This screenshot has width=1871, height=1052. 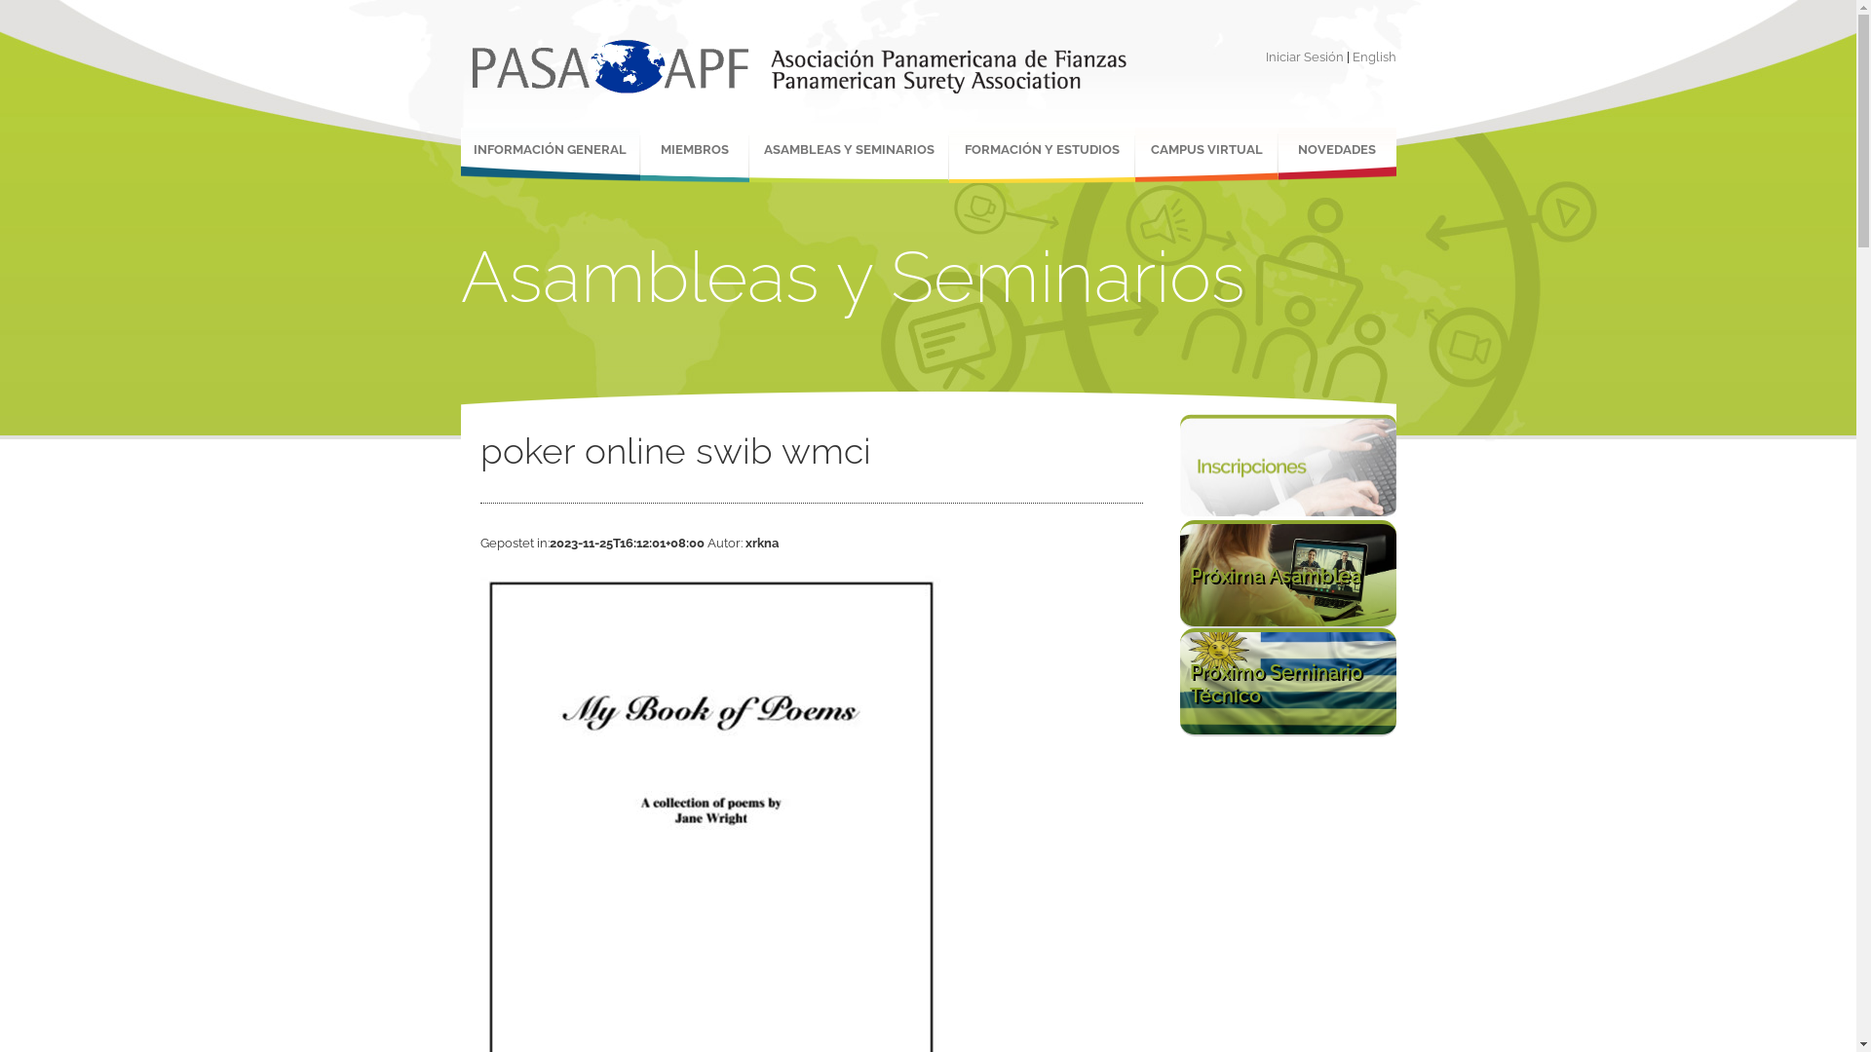 What do you see at coordinates (1204, 154) in the screenshot?
I see `'CAMPUS VIRTUAL'` at bounding box center [1204, 154].